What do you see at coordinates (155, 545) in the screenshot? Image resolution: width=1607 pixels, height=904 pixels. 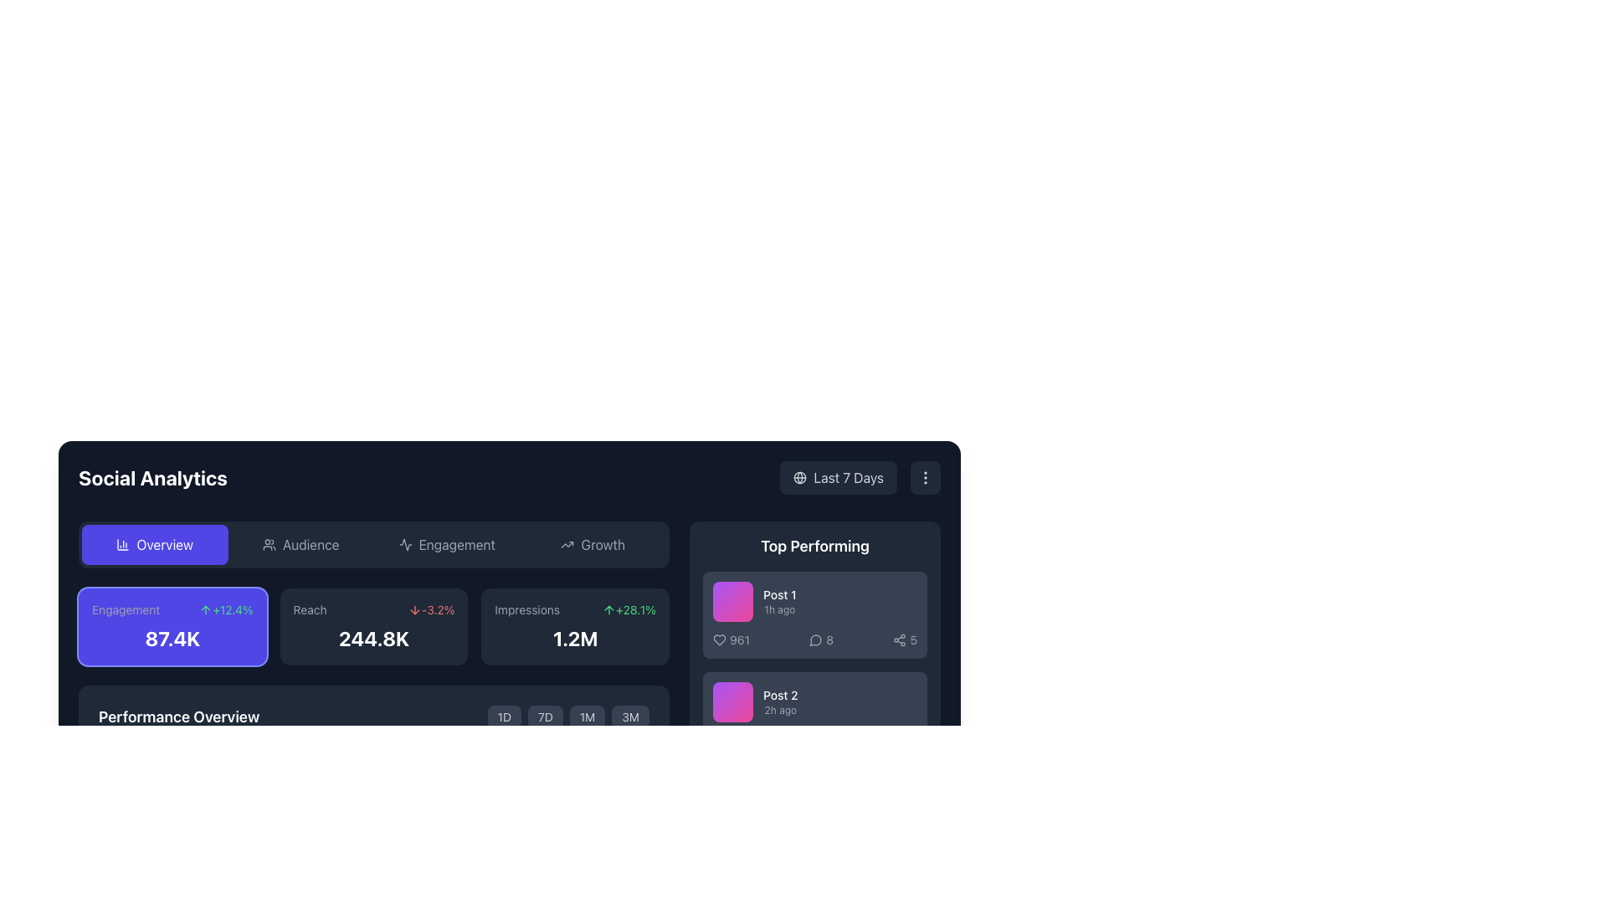 I see `the 'Overview' button with a vibrant purple background and a bar chart icon` at bounding box center [155, 545].